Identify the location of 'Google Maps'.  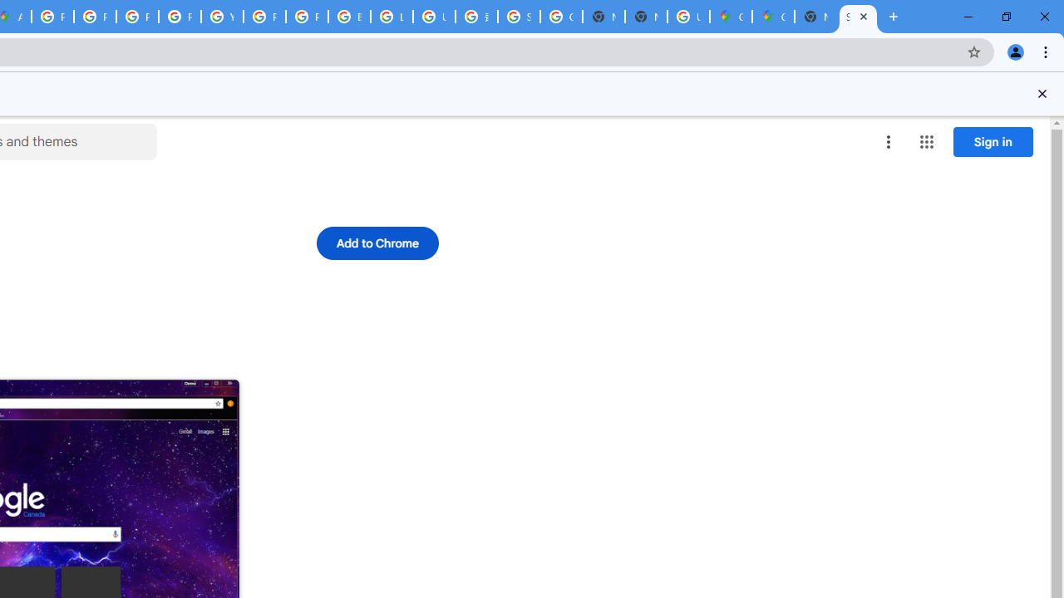
(772, 17).